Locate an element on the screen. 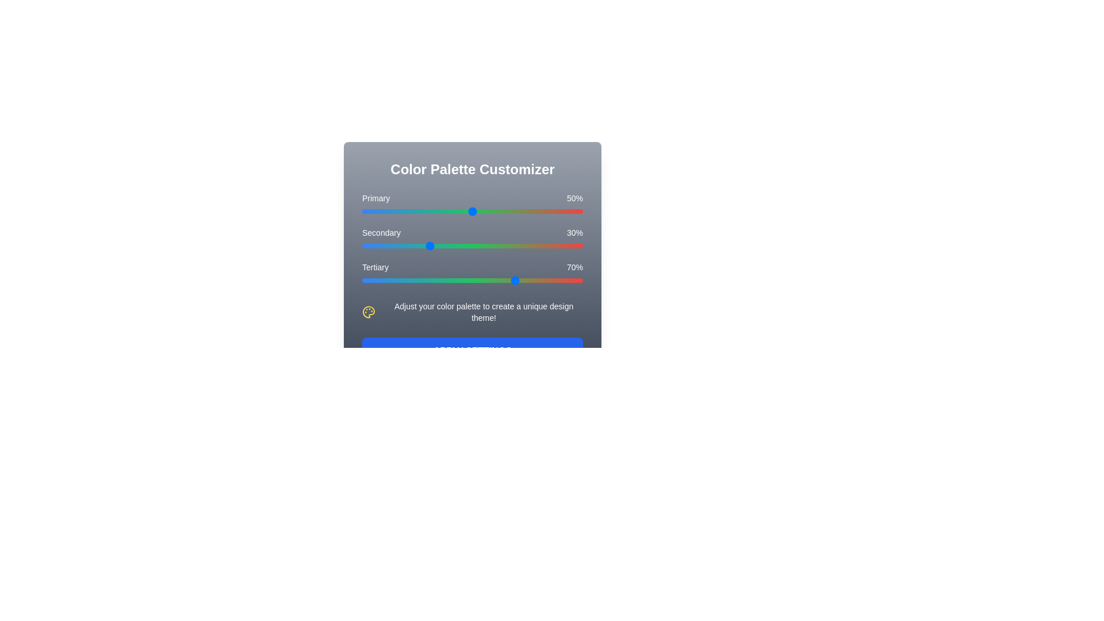 The width and height of the screenshot is (1104, 621). the primary color intensity is located at coordinates (472, 211).